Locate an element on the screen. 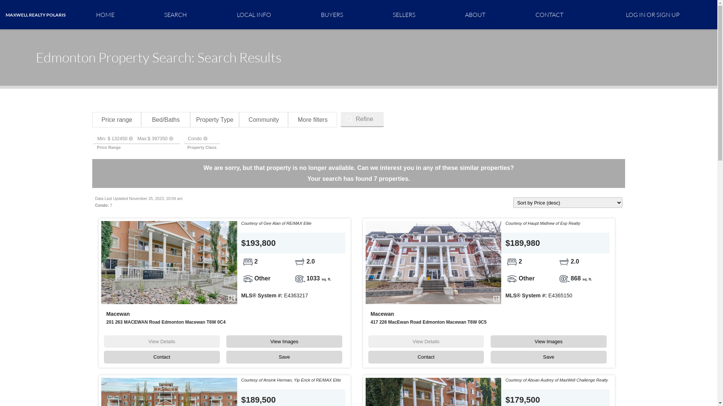  'SELLERS' is located at coordinates (404, 14).